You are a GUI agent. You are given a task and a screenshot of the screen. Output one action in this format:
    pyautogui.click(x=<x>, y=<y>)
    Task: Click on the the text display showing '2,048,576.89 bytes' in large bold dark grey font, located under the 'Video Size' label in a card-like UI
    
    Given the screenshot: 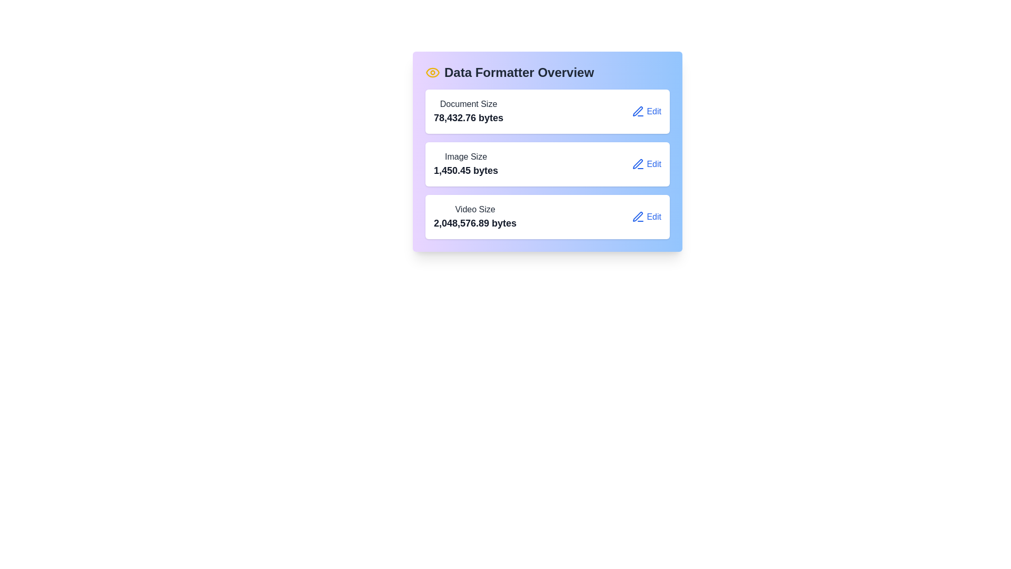 What is the action you would take?
    pyautogui.click(x=474, y=223)
    